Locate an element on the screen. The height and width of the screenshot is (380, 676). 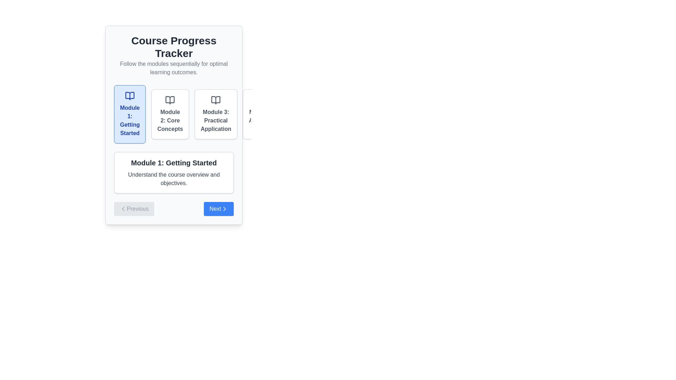
the appearance of the chevron icon located within the blue 'Next' button at the bottom-right corner of the module navigation interface is located at coordinates (224, 209).